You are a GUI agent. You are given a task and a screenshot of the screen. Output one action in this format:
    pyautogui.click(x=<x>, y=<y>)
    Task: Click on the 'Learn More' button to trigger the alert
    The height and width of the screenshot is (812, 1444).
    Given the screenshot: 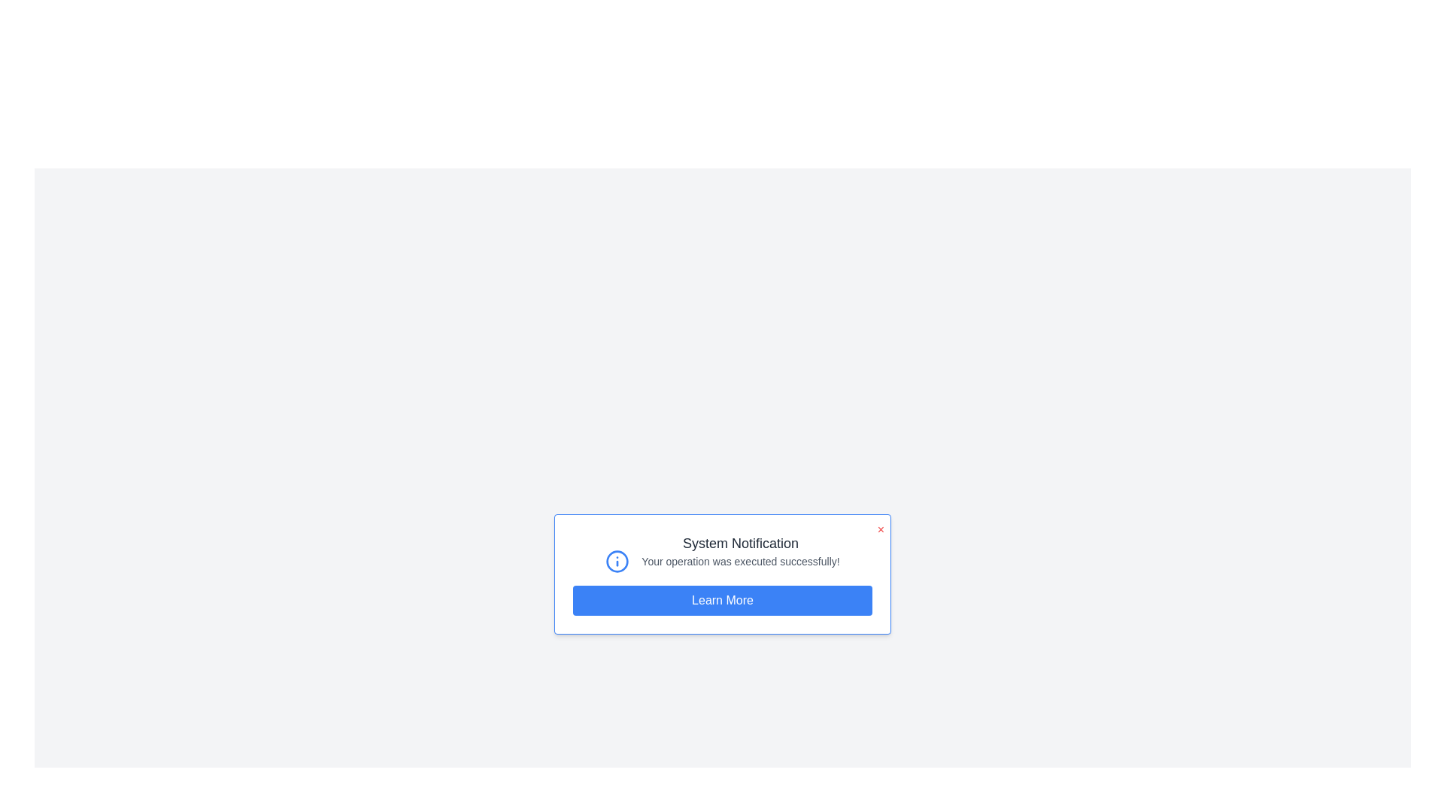 What is the action you would take?
    pyautogui.click(x=722, y=599)
    